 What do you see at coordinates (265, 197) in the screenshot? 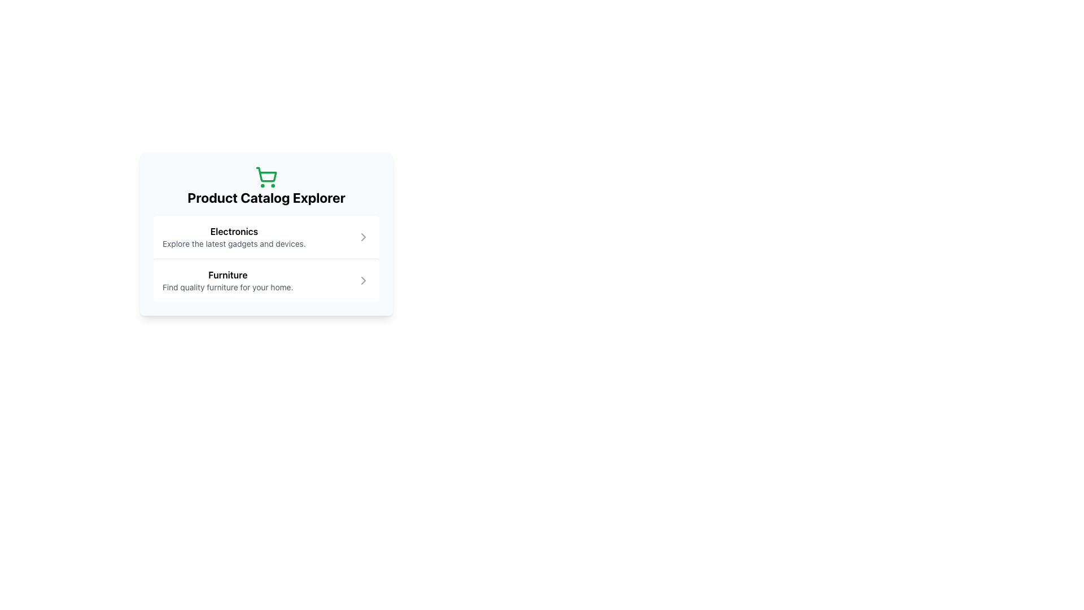
I see `the bold black text block displaying 'Product Catalog Explorer', which is centered below the shopping cart icon` at bounding box center [265, 197].